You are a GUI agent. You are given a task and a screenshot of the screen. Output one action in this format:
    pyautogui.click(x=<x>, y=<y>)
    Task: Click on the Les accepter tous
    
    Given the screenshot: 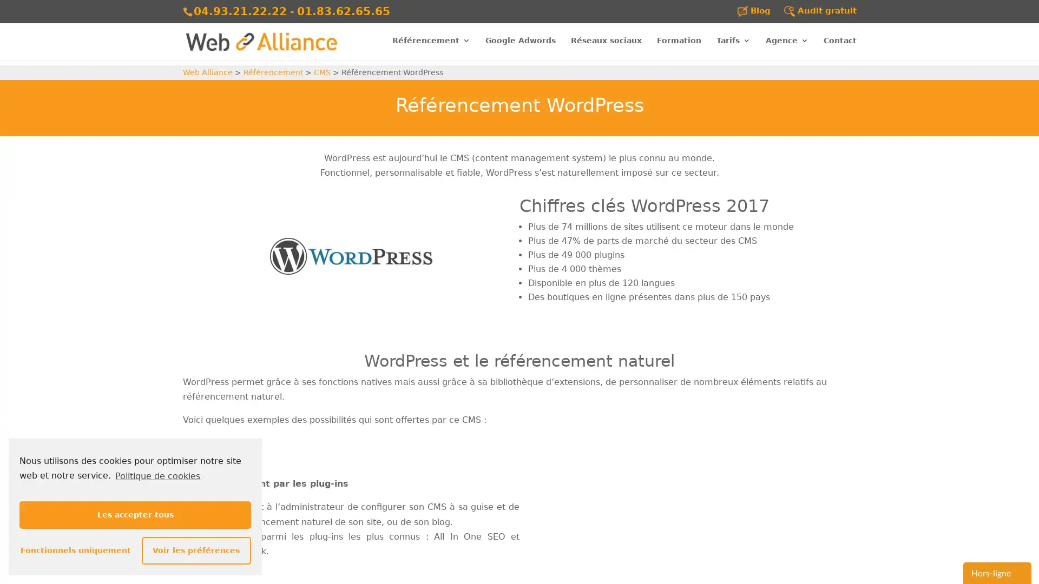 What is the action you would take?
    pyautogui.click(x=134, y=514)
    